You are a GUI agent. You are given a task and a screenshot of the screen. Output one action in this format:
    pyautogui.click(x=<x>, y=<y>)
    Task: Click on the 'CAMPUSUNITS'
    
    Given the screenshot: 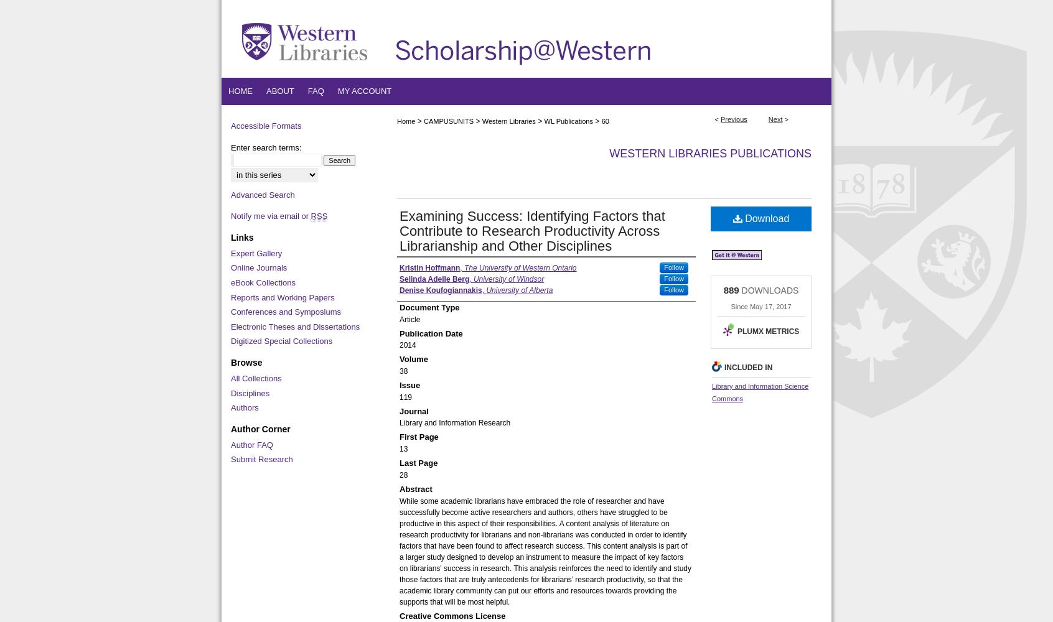 What is the action you would take?
    pyautogui.click(x=424, y=121)
    